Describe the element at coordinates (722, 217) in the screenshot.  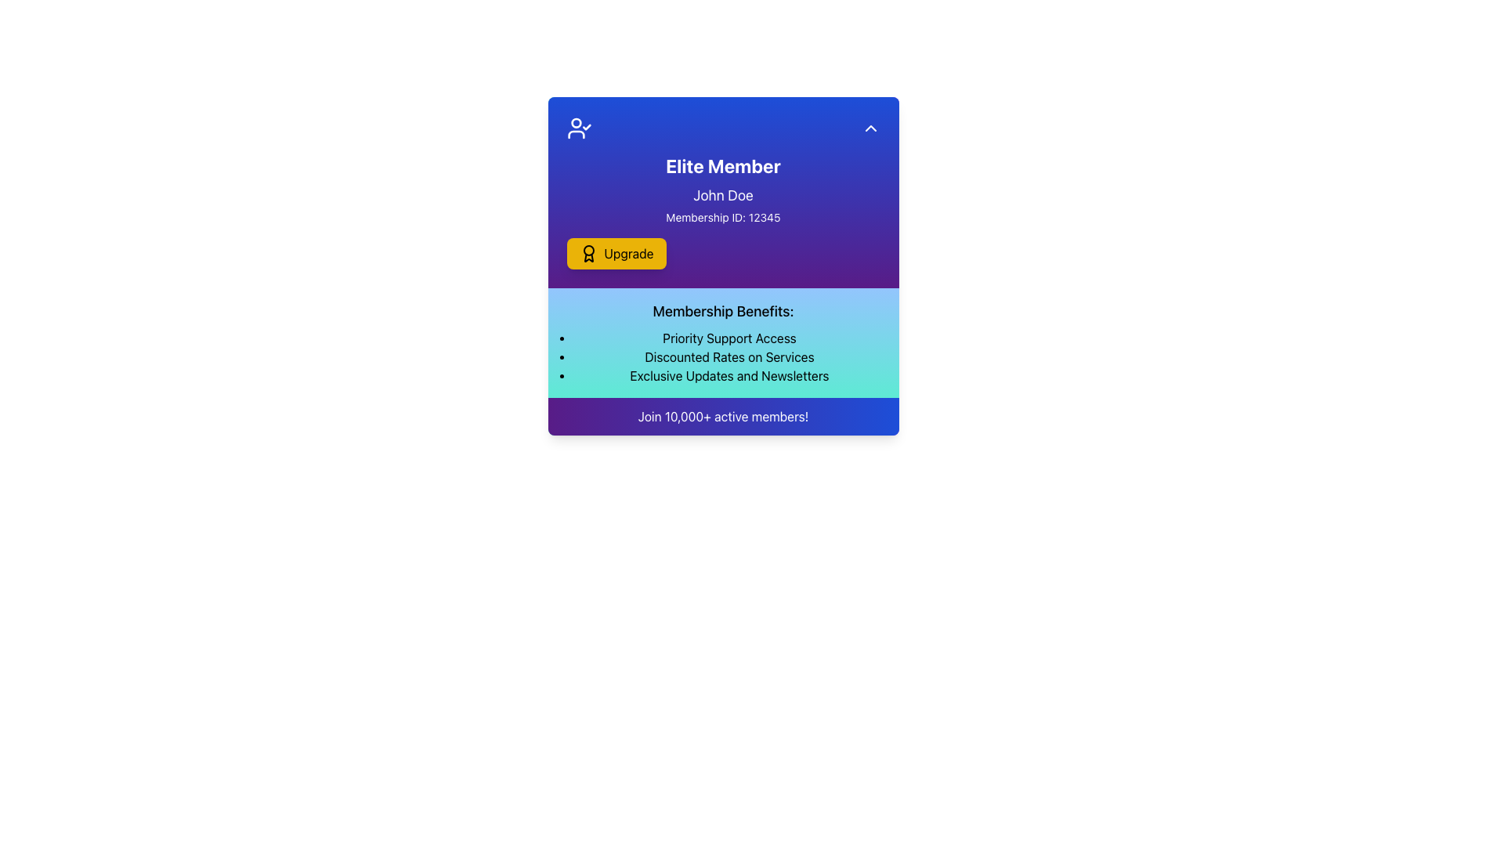
I see `the Text Display element that shows the membership ID associated with the user, located below 'John Doe' and above the 'Upgrade' button` at that location.